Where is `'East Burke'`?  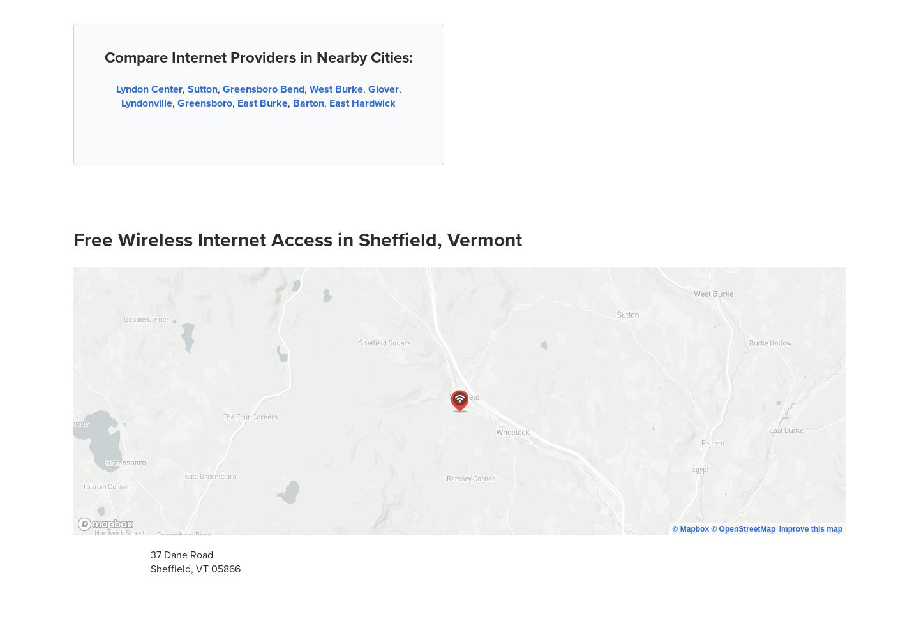
'East Burke' is located at coordinates (262, 103).